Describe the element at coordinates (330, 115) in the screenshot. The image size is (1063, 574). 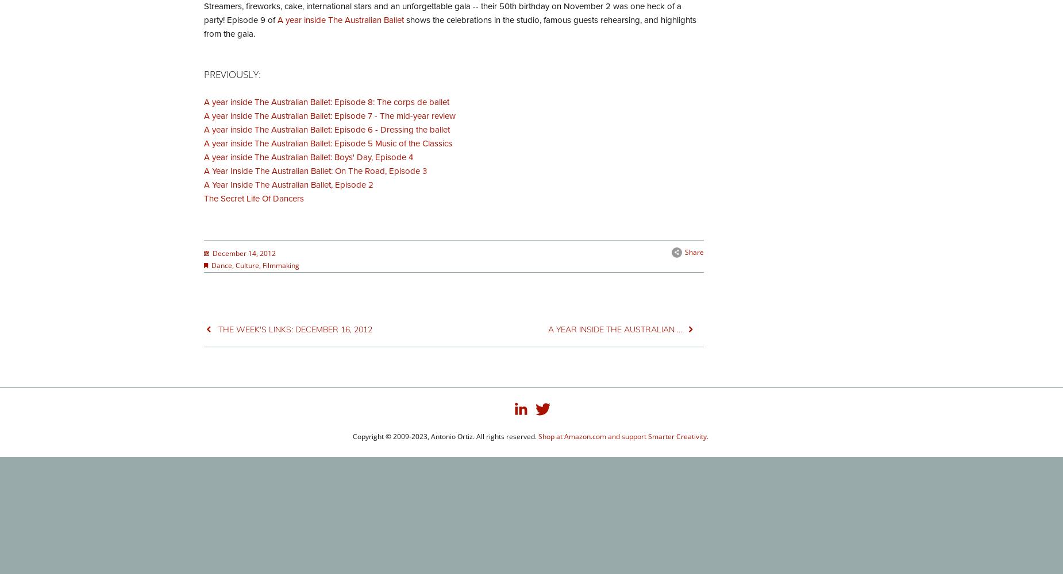
I see `'A year inside The Australian Ballet: Episode 7 - The mid-year review'` at that location.